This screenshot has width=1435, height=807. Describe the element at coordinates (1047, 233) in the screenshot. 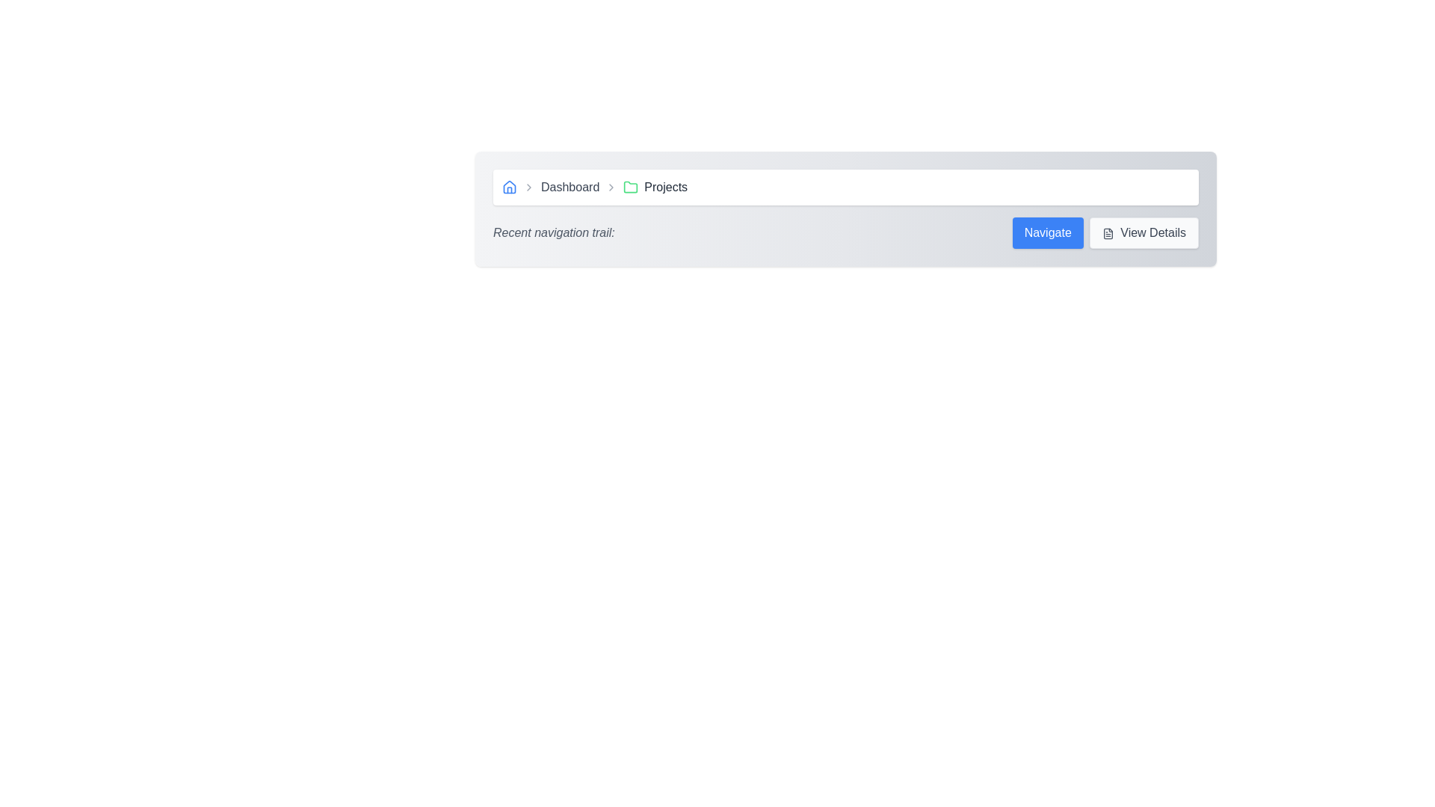

I see `the navigation button, which is the first button in its horizontal section` at that location.